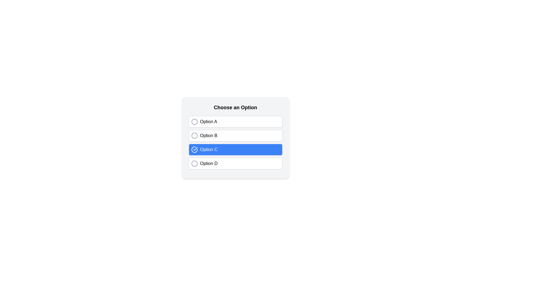 Image resolution: width=536 pixels, height=301 pixels. What do you see at coordinates (209, 163) in the screenshot?
I see `the text label displaying 'Option D'` at bounding box center [209, 163].